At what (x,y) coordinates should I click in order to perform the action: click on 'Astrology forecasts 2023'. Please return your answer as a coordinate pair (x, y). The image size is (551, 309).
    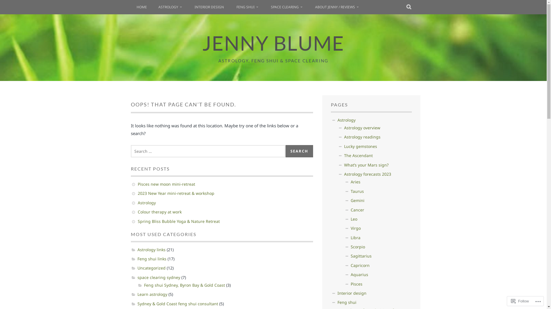
    Looking at the image, I should click on (368, 174).